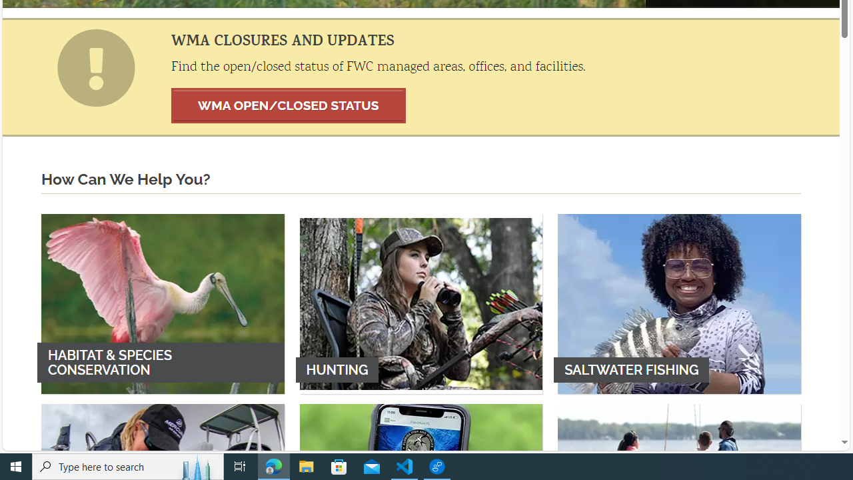 The width and height of the screenshot is (853, 480). Describe the element at coordinates (162, 303) in the screenshot. I see `'HABITAT & SPECIES CONSERVATION'` at that location.